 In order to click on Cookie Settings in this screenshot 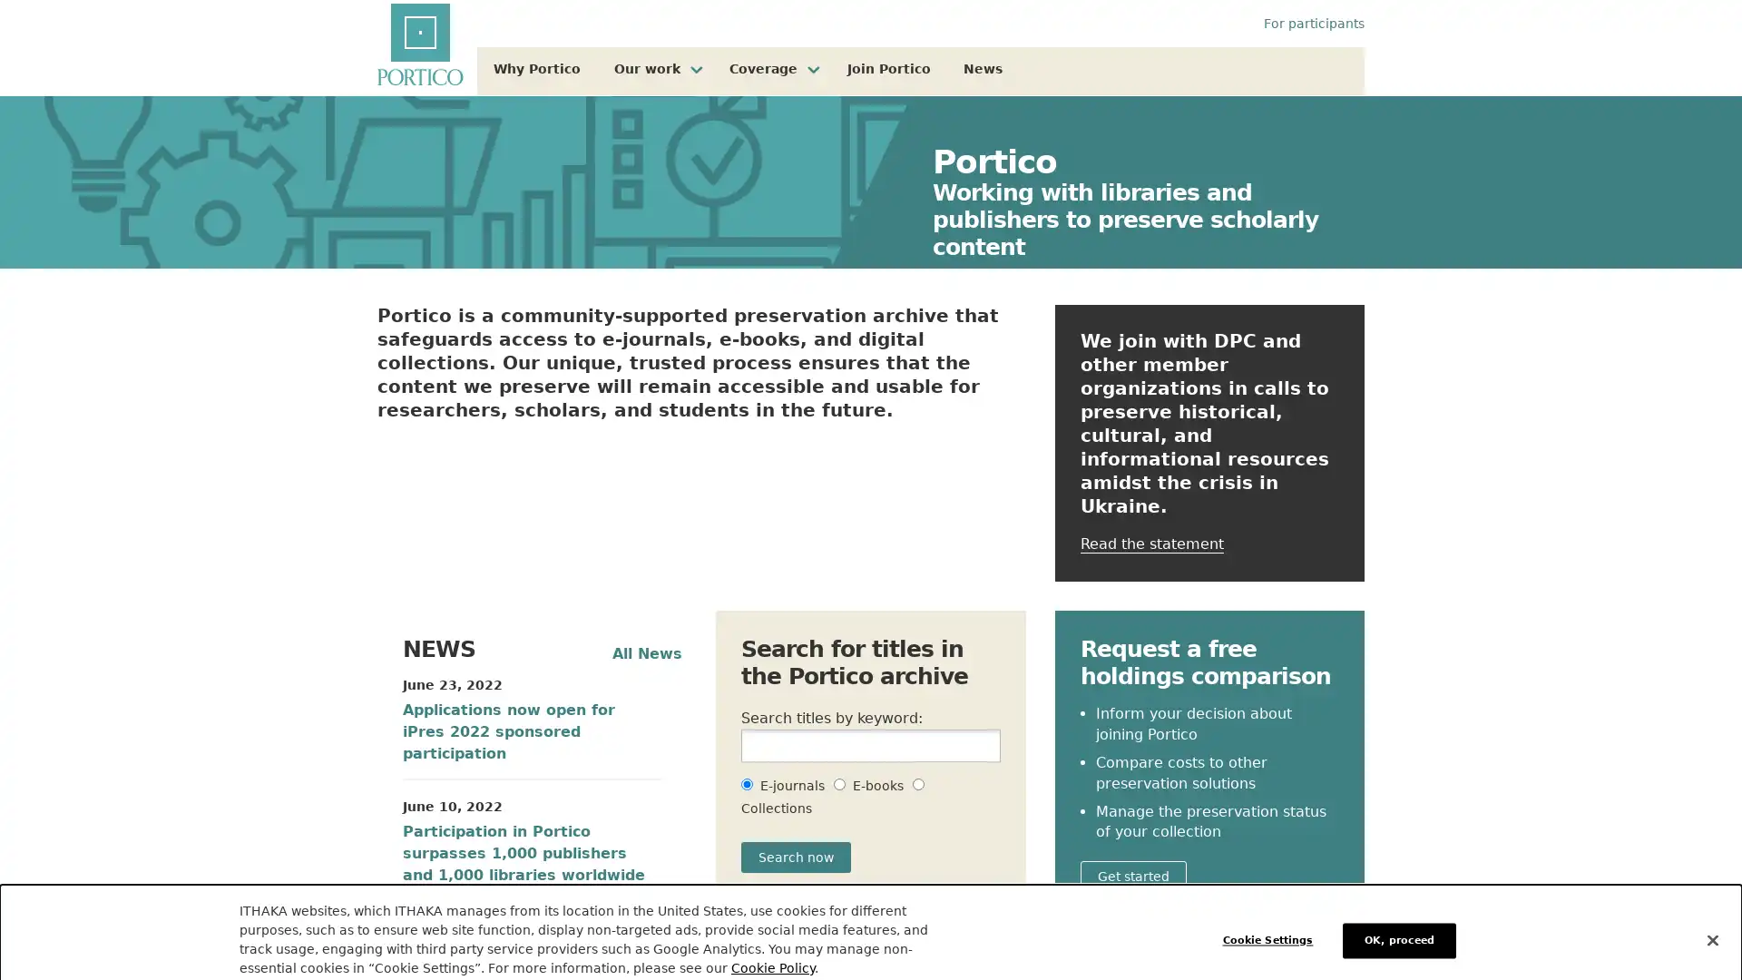, I will do `click(1271, 921)`.